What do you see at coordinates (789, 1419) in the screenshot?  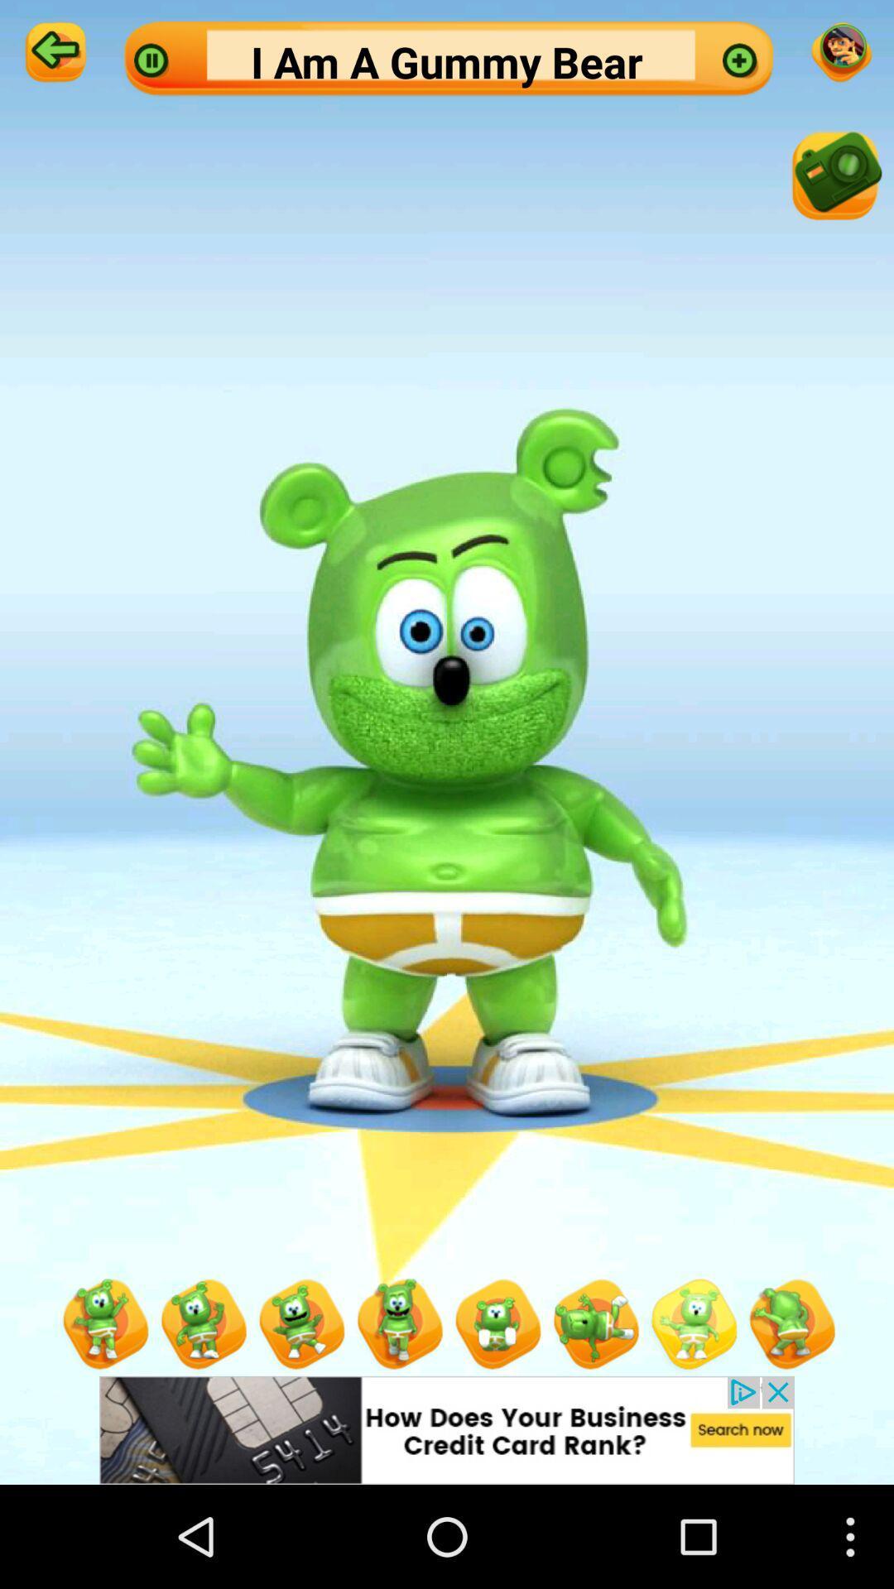 I see `the avatar icon` at bounding box center [789, 1419].